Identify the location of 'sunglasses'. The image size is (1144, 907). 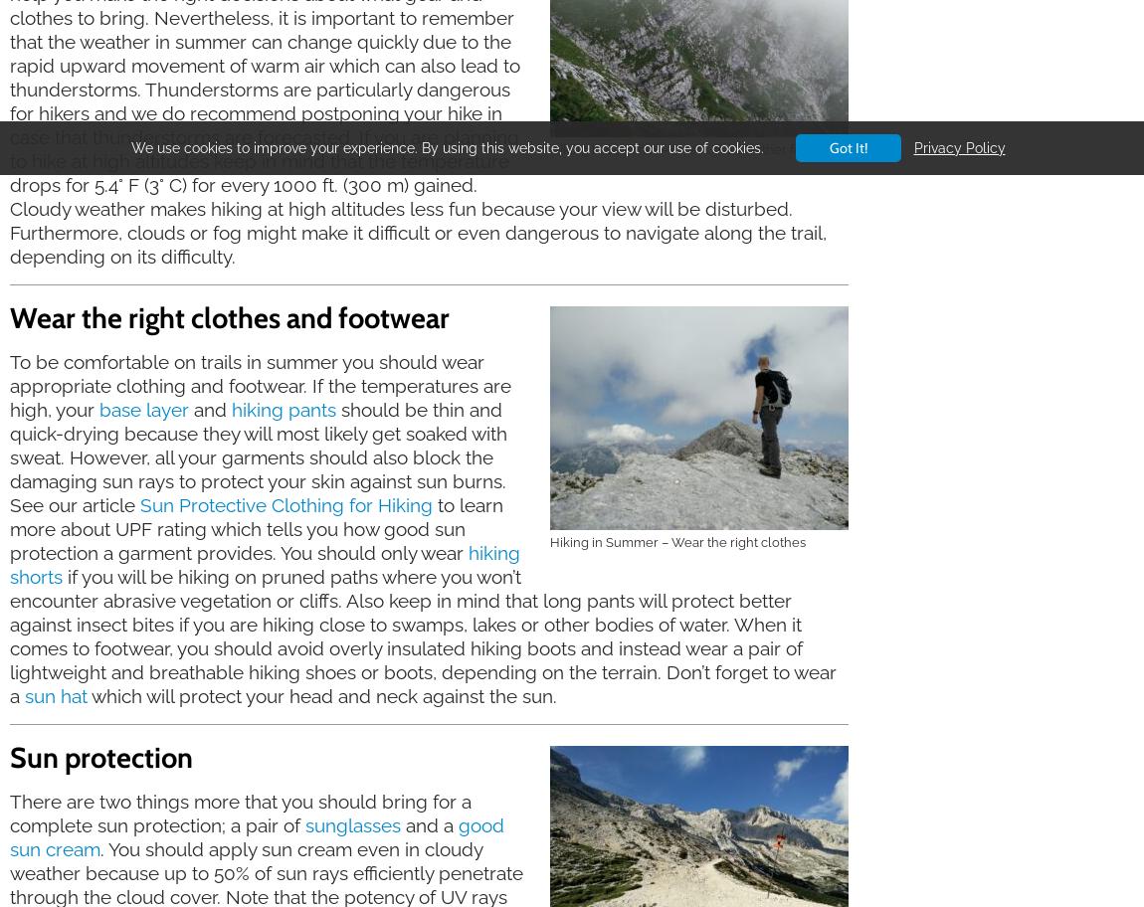
(353, 823).